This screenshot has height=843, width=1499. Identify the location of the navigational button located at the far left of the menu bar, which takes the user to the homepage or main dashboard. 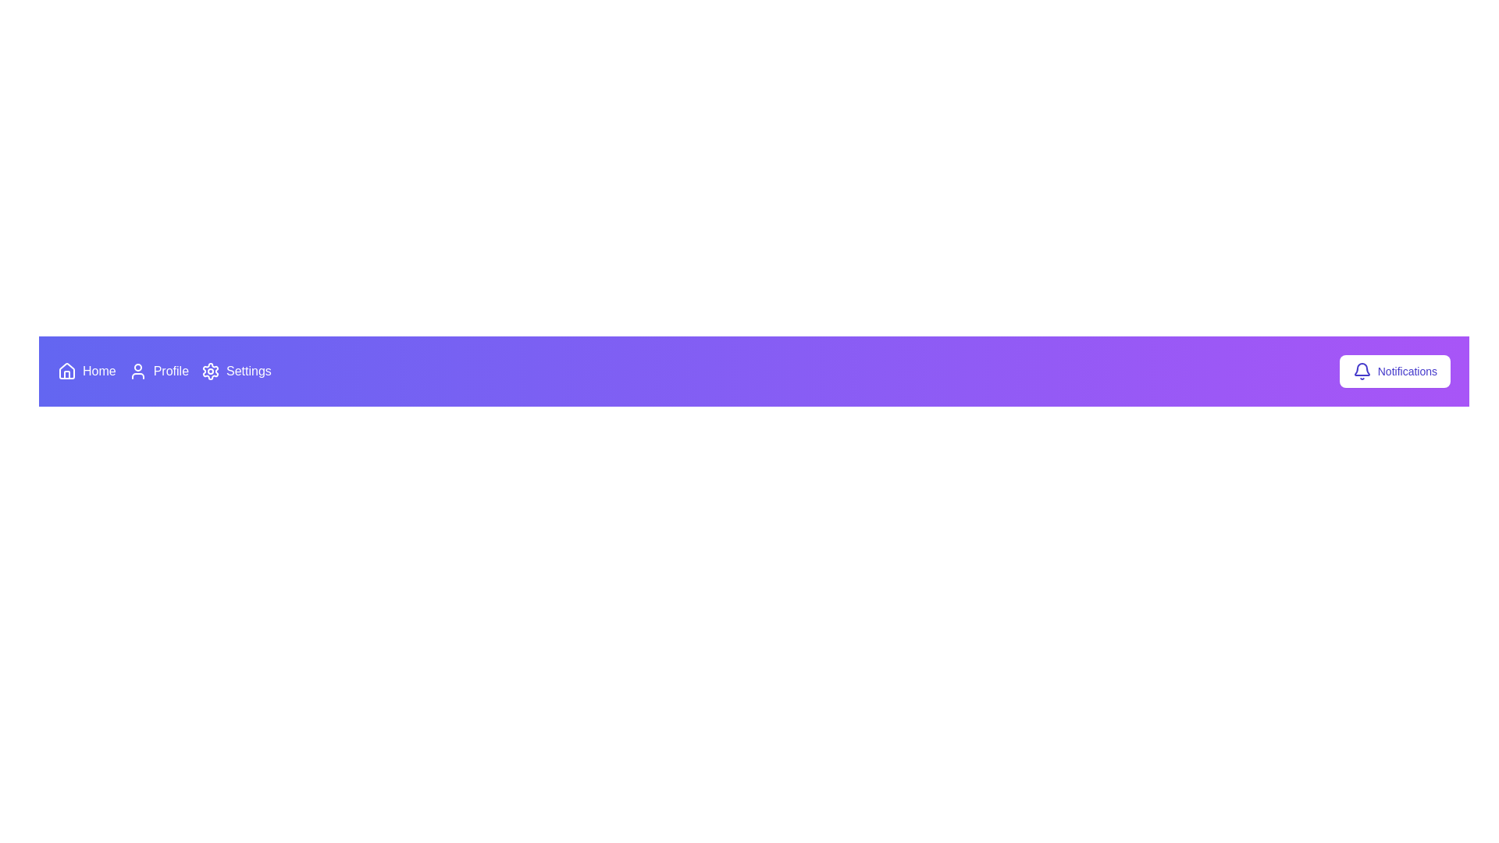
(86, 371).